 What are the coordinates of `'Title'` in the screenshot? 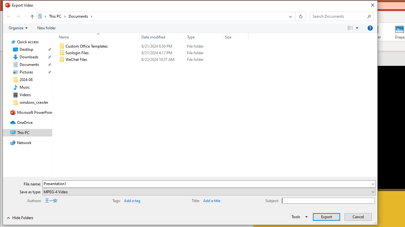 It's located at (223, 200).